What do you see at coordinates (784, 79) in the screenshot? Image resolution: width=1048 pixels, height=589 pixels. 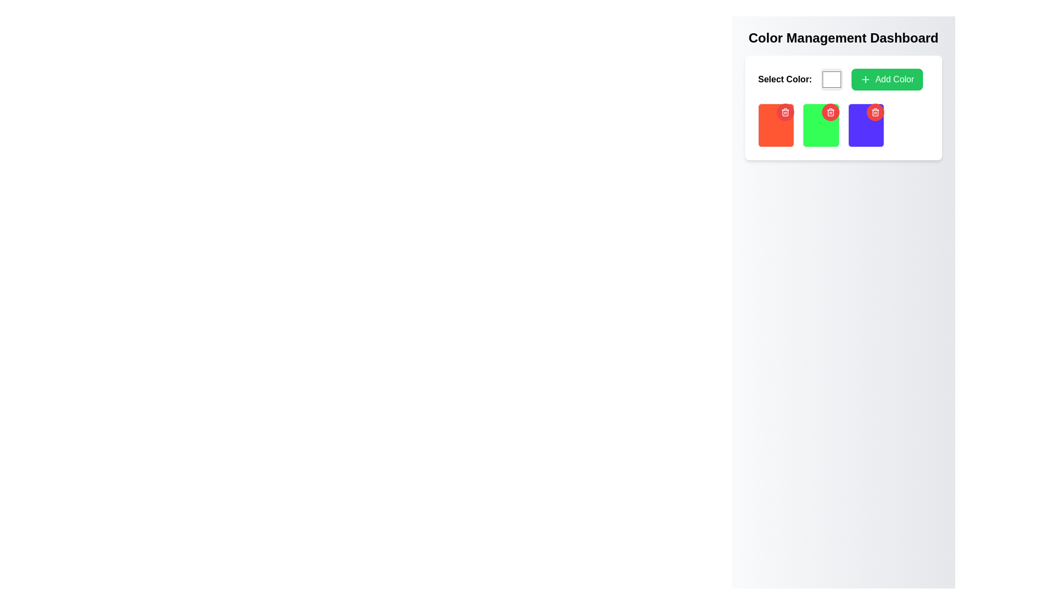 I see `label that serves as the description for the color selection input field, which is positioned to the left of the color picker input field and the 'Add Color' button` at bounding box center [784, 79].